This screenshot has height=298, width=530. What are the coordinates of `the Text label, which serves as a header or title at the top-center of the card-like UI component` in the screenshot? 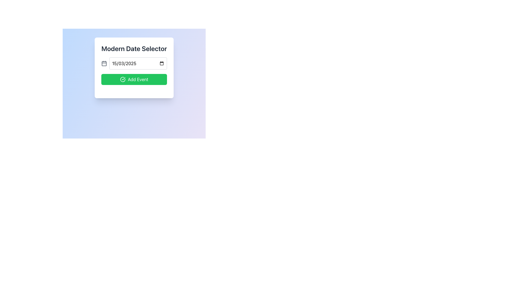 It's located at (134, 48).